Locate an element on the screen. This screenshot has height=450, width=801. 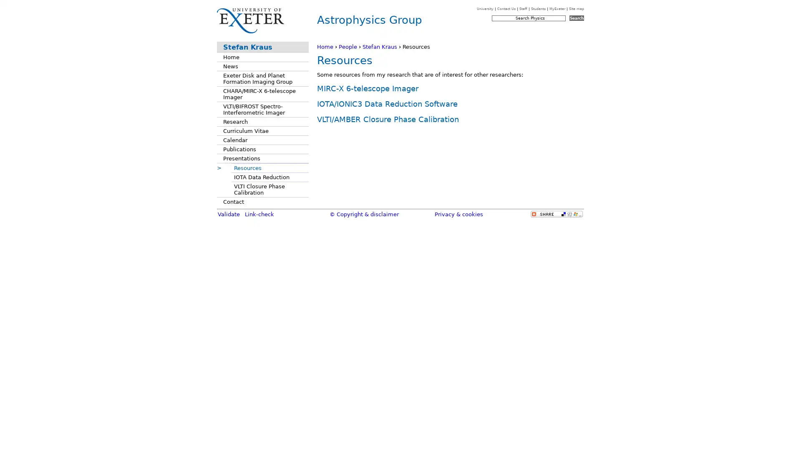
Search is located at coordinates (576, 18).